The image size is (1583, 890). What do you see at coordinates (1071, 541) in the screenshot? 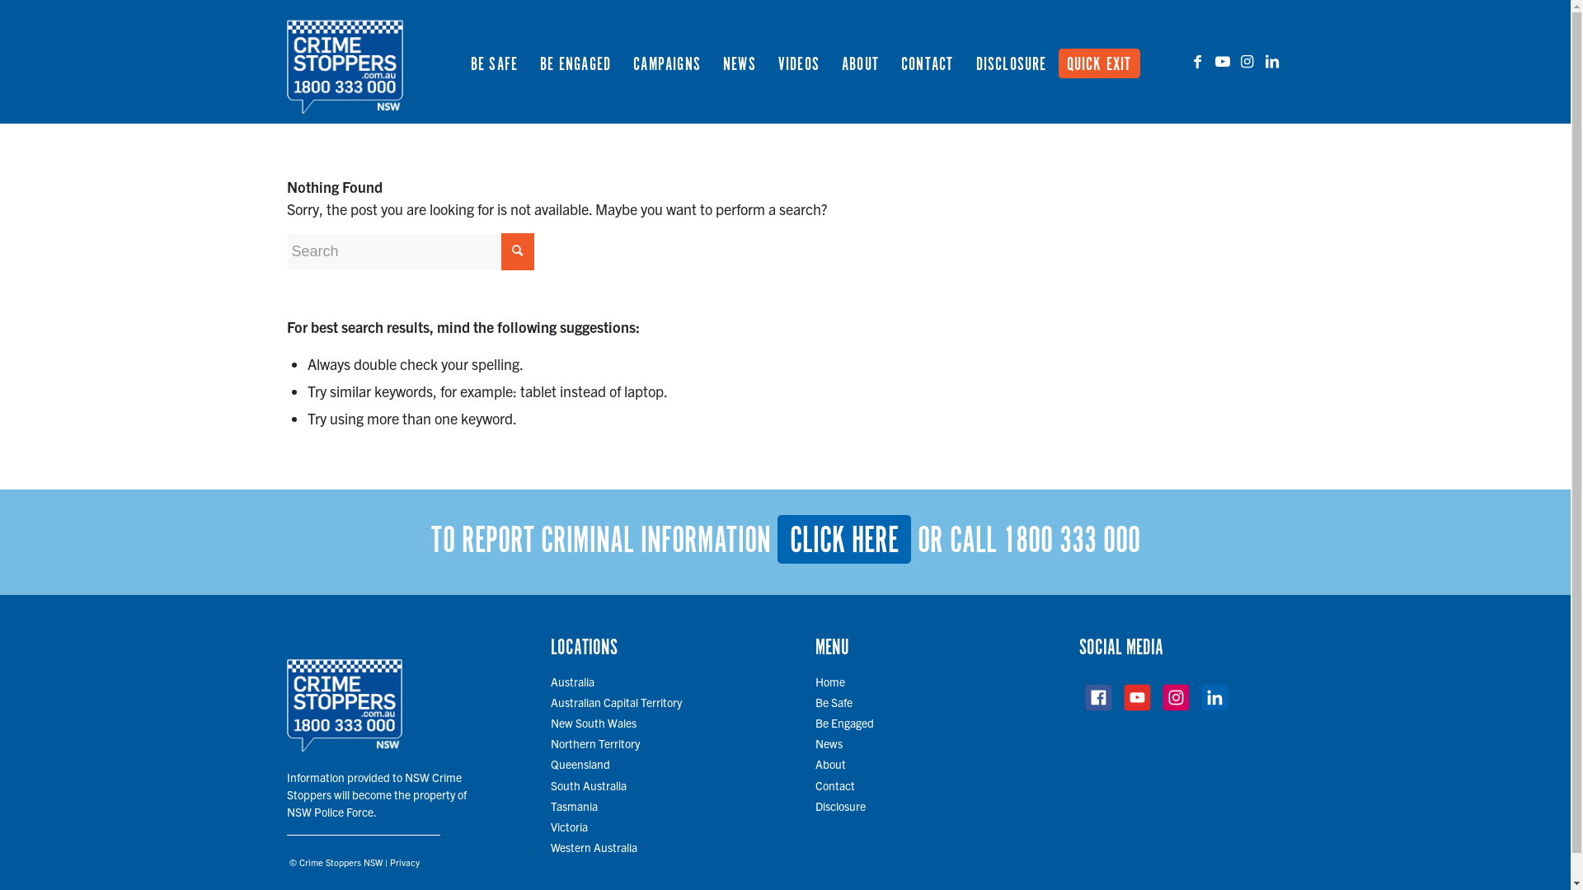
I see `'1800 333 000'` at bounding box center [1071, 541].